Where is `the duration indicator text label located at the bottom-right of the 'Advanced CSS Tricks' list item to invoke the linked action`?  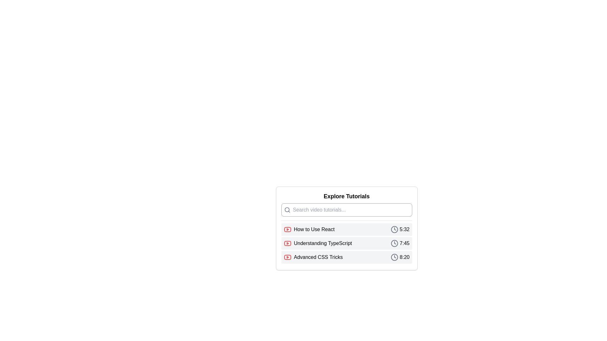 the duration indicator text label located at the bottom-right of the 'Advanced CSS Tricks' list item to invoke the linked action is located at coordinates (404, 257).